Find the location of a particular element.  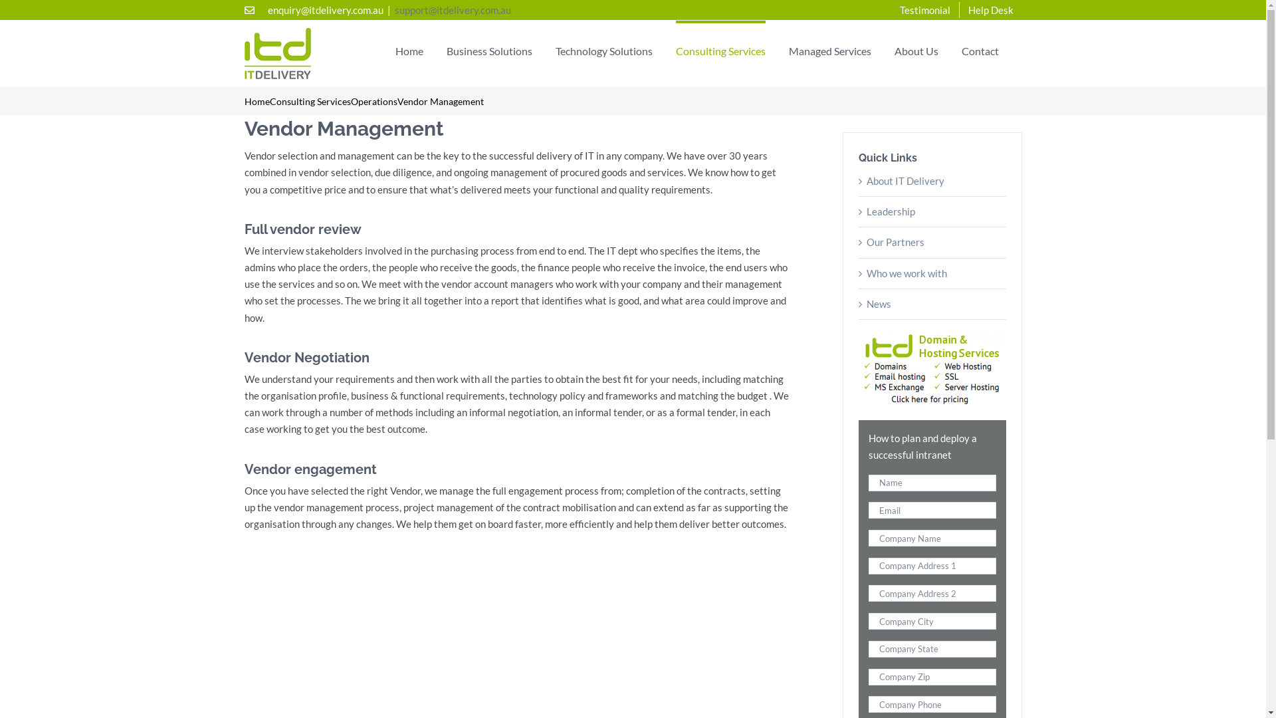

'Testimonial' is located at coordinates (924, 10).